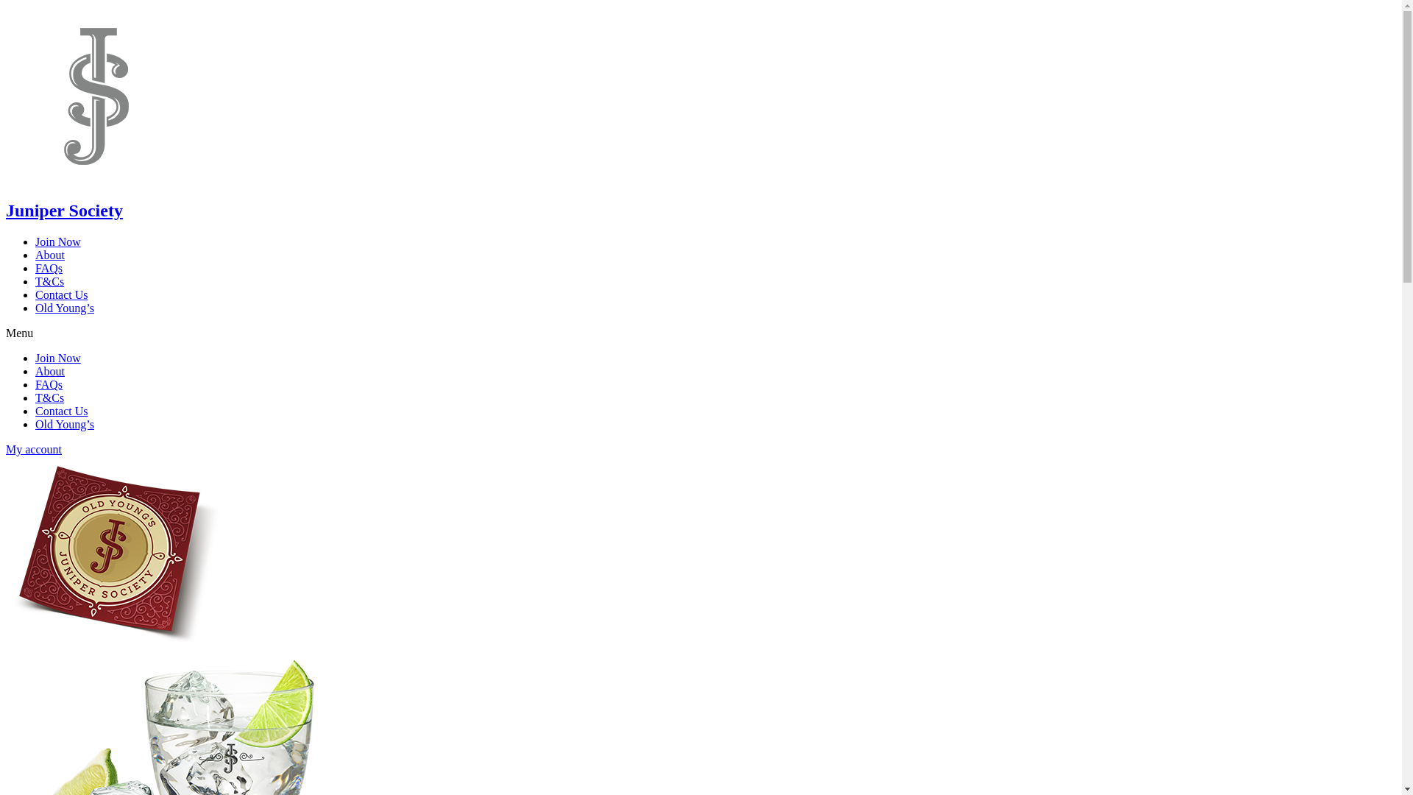 The height and width of the screenshot is (795, 1413). What do you see at coordinates (35, 294) in the screenshot?
I see `'Contact Us'` at bounding box center [35, 294].